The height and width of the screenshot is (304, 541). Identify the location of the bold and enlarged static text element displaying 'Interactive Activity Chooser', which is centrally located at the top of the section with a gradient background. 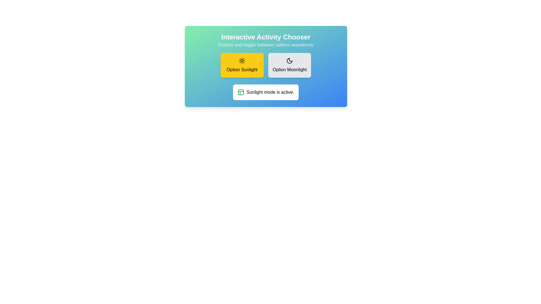
(265, 37).